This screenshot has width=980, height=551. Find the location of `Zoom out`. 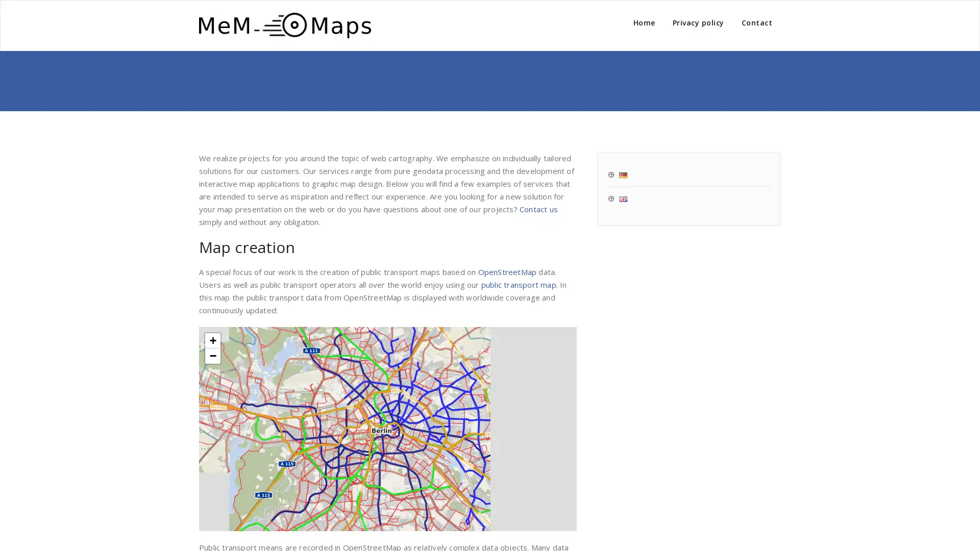

Zoom out is located at coordinates (212, 355).